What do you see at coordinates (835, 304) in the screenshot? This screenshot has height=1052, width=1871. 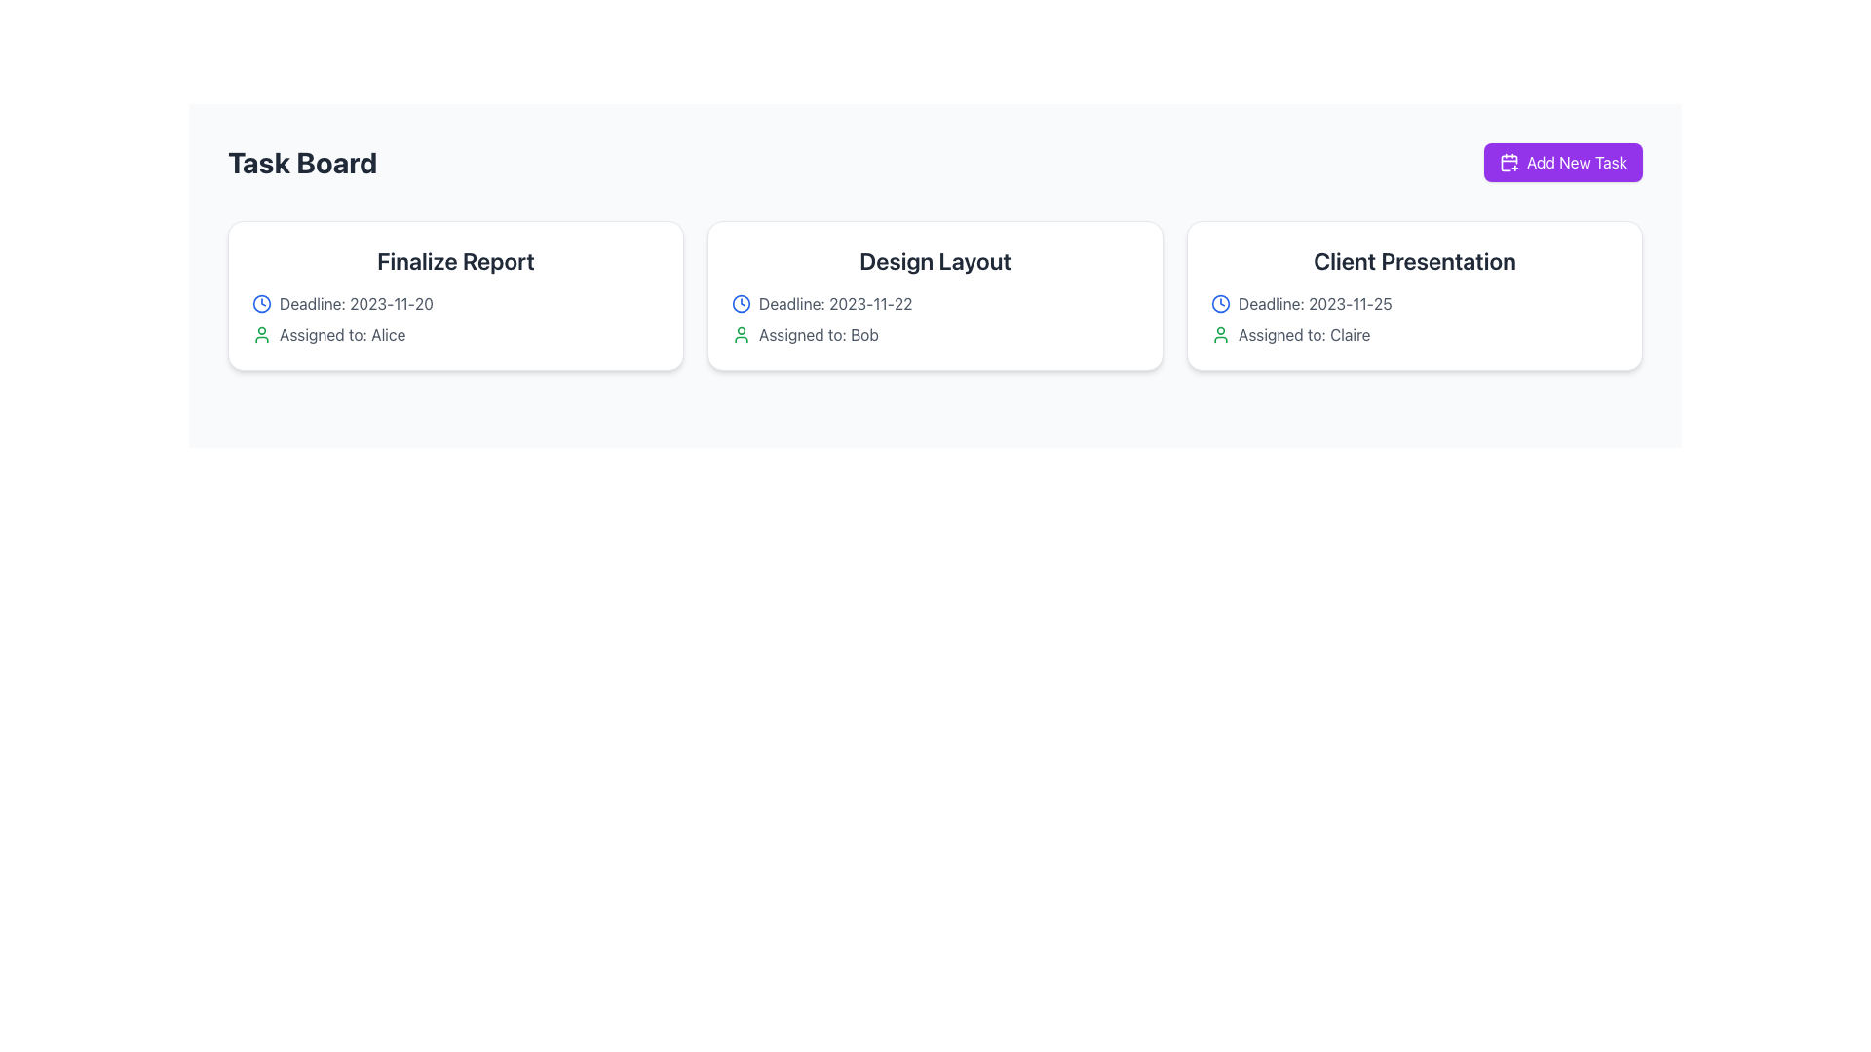 I see `the text label indicating the deadline for the 'Design Layout' task, located at the top-left corner of the 'Design Layout' card, adjacent to the blue clock icon and above the text 'Assigned to: Bob'` at bounding box center [835, 304].